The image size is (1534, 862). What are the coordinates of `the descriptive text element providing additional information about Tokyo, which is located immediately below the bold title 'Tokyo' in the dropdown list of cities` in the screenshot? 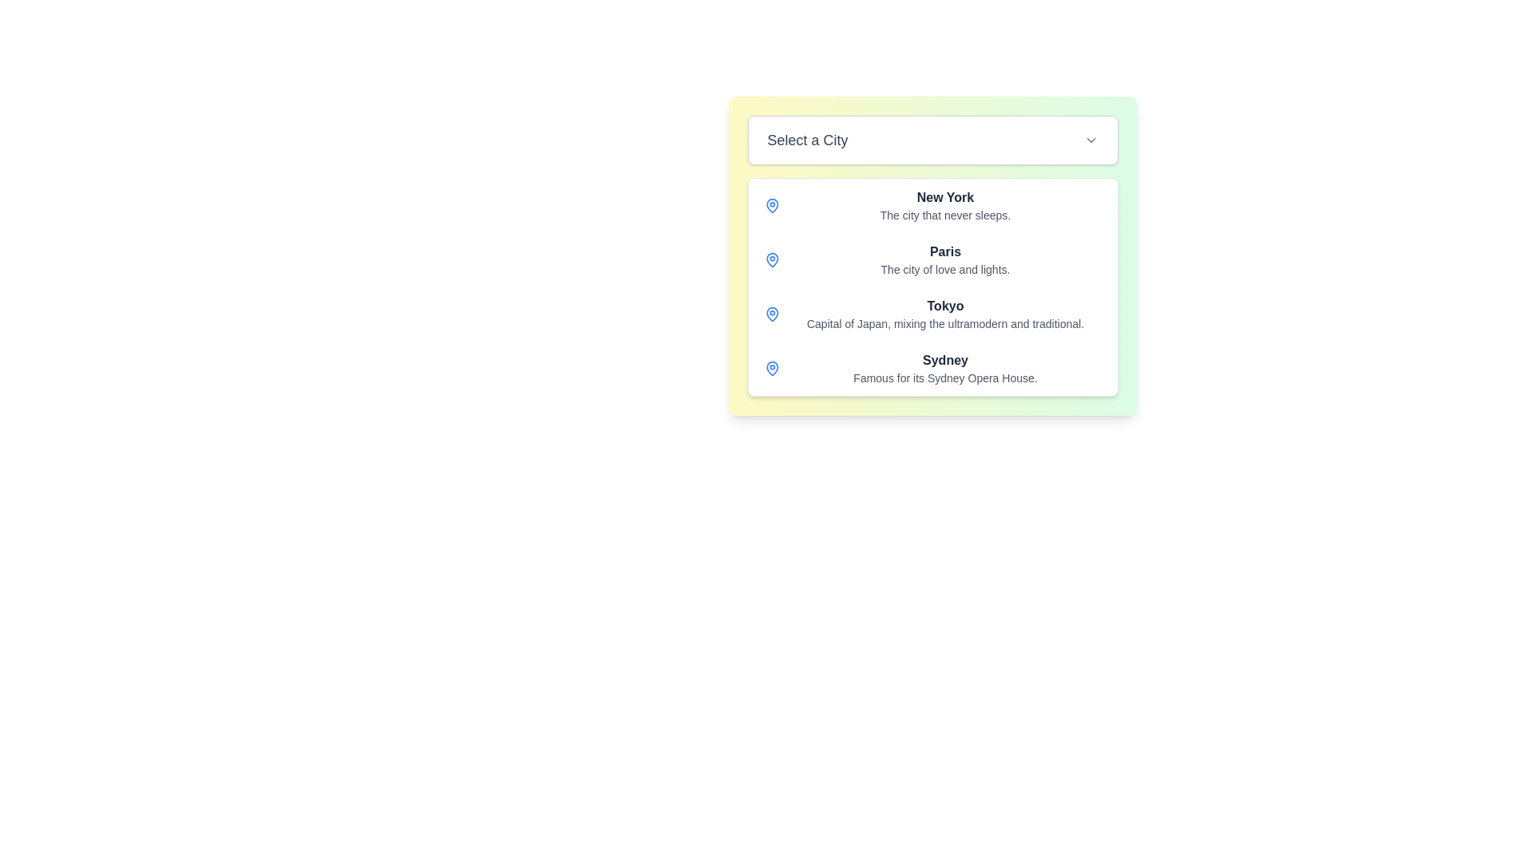 It's located at (945, 323).